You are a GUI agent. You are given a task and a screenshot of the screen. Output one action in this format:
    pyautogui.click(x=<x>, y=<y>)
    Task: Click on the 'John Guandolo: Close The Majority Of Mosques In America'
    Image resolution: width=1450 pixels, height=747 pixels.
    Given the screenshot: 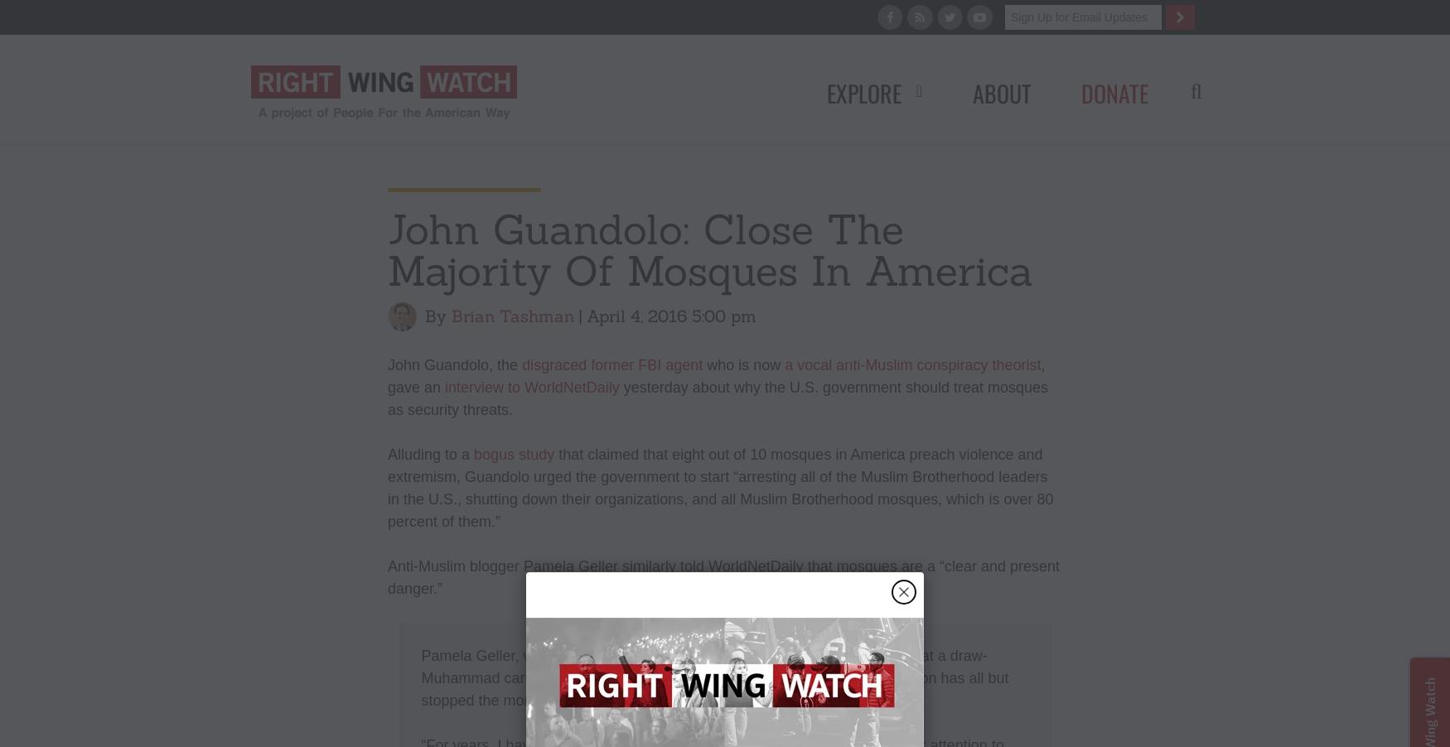 What is the action you would take?
    pyautogui.click(x=710, y=248)
    